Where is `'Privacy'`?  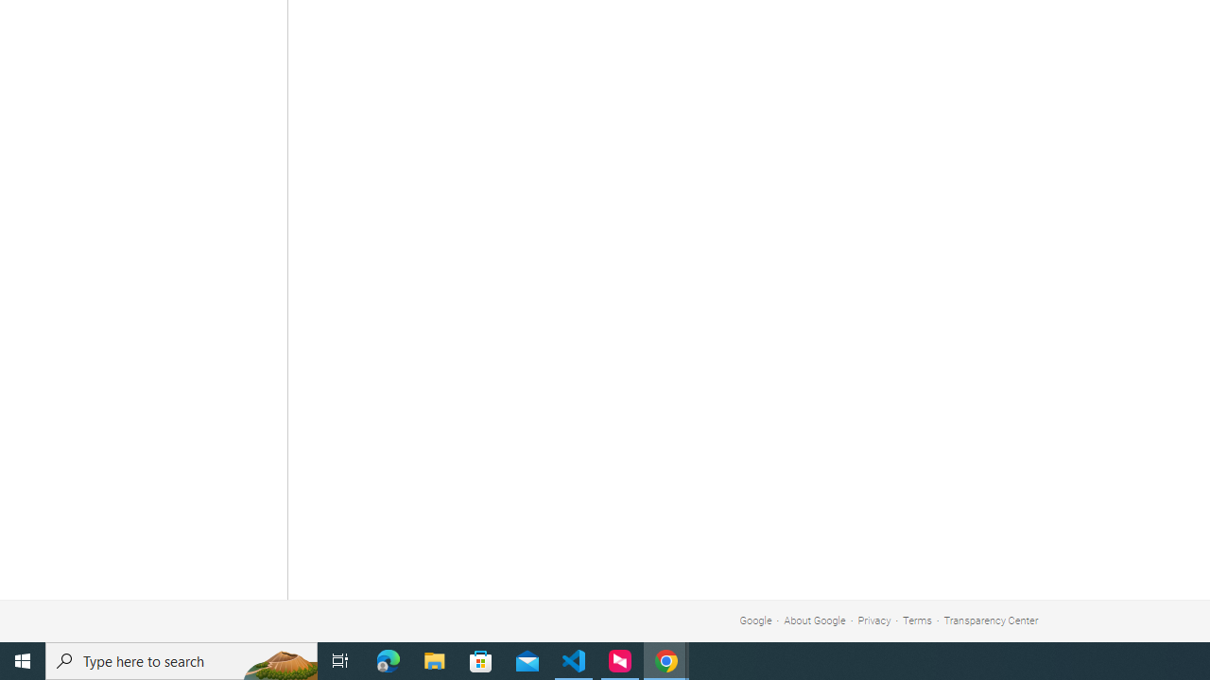
'Privacy' is located at coordinates (873, 620).